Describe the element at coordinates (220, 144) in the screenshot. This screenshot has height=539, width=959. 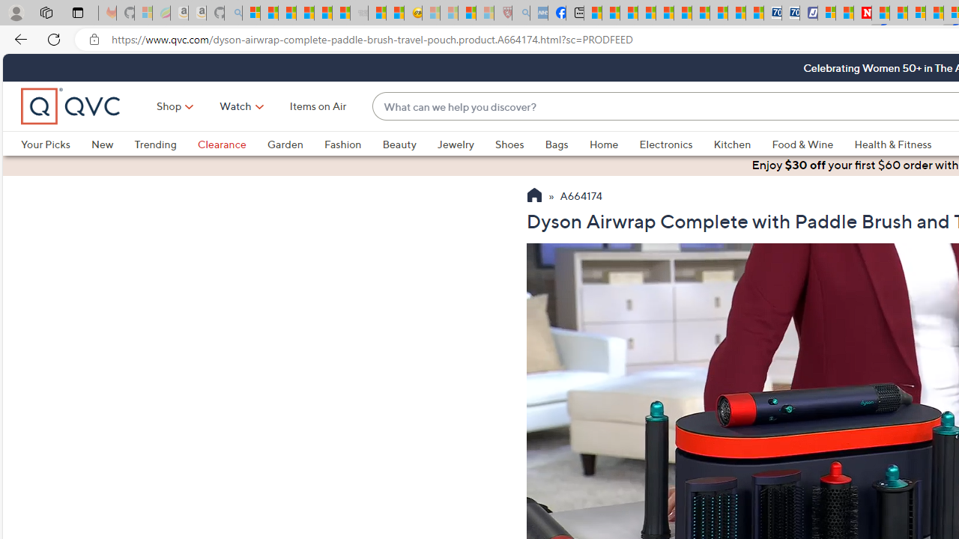
I see `'Clearance'` at that location.